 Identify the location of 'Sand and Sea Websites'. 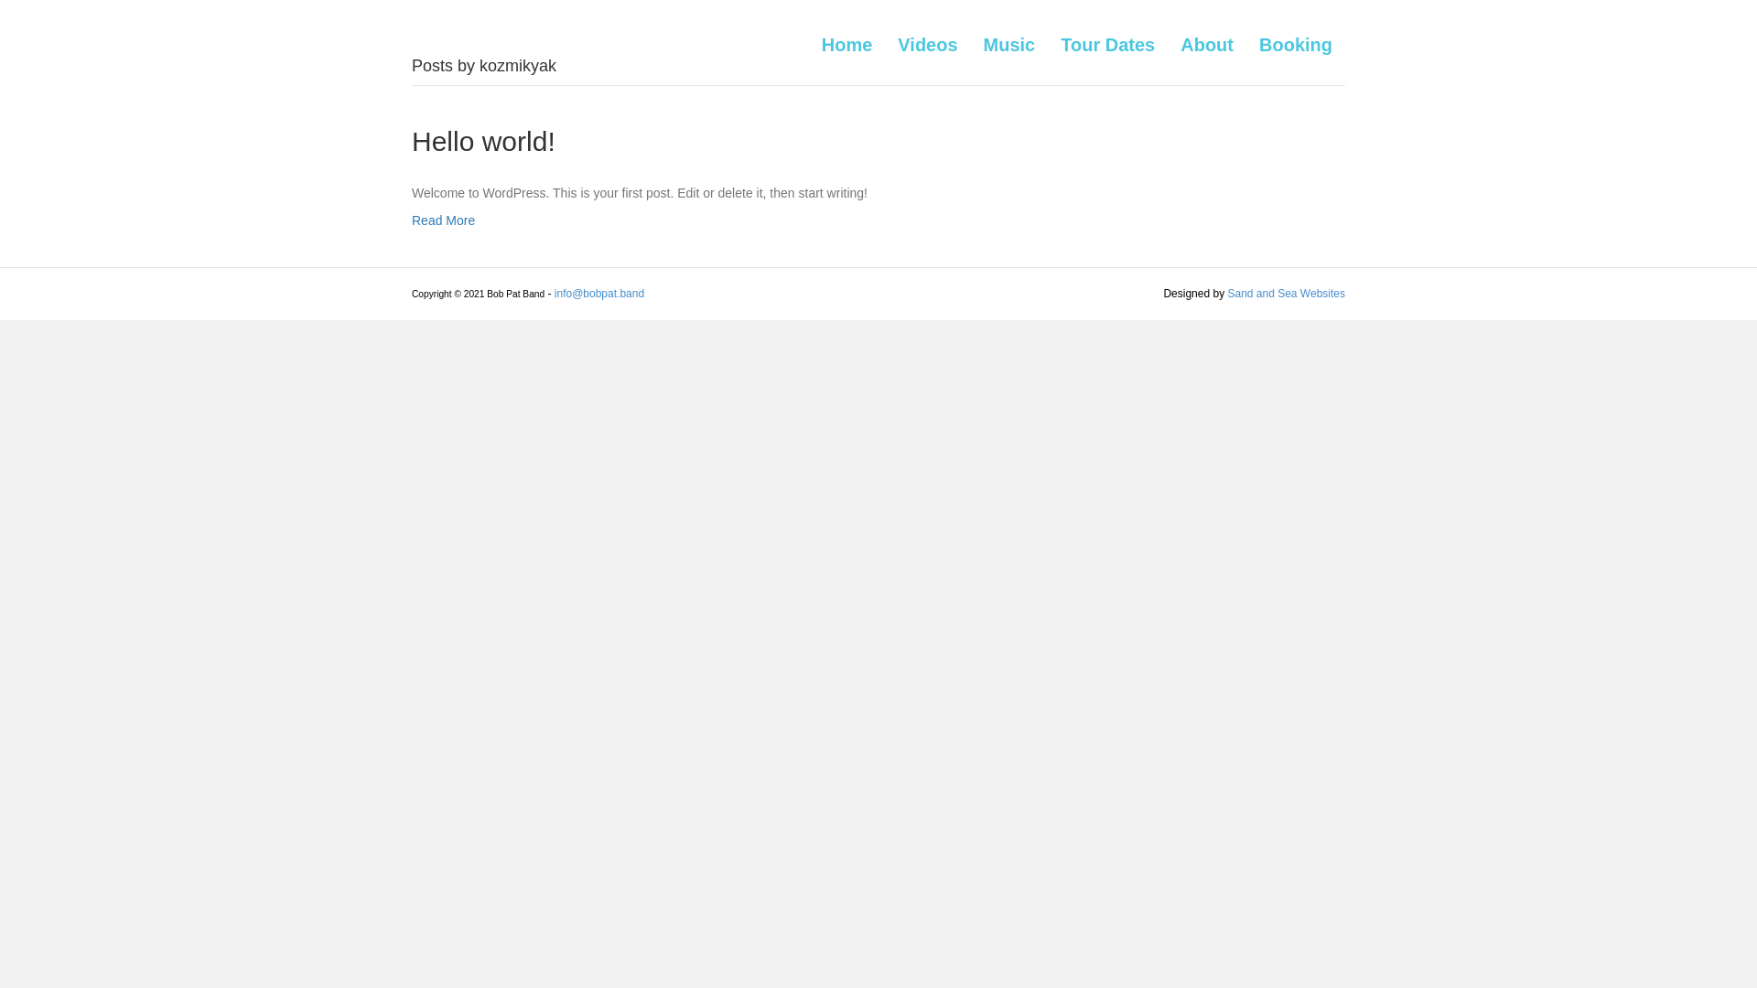
(1226, 292).